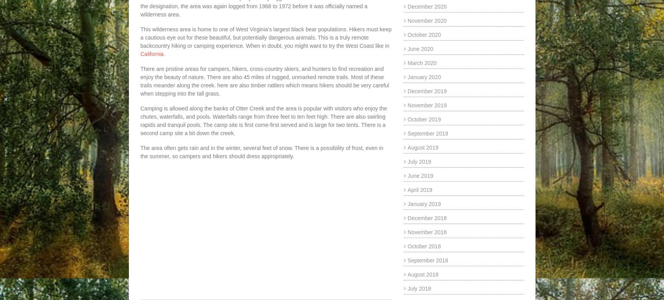 This screenshot has height=300, width=664. I want to click on 'September 2019', so click(427, 133).